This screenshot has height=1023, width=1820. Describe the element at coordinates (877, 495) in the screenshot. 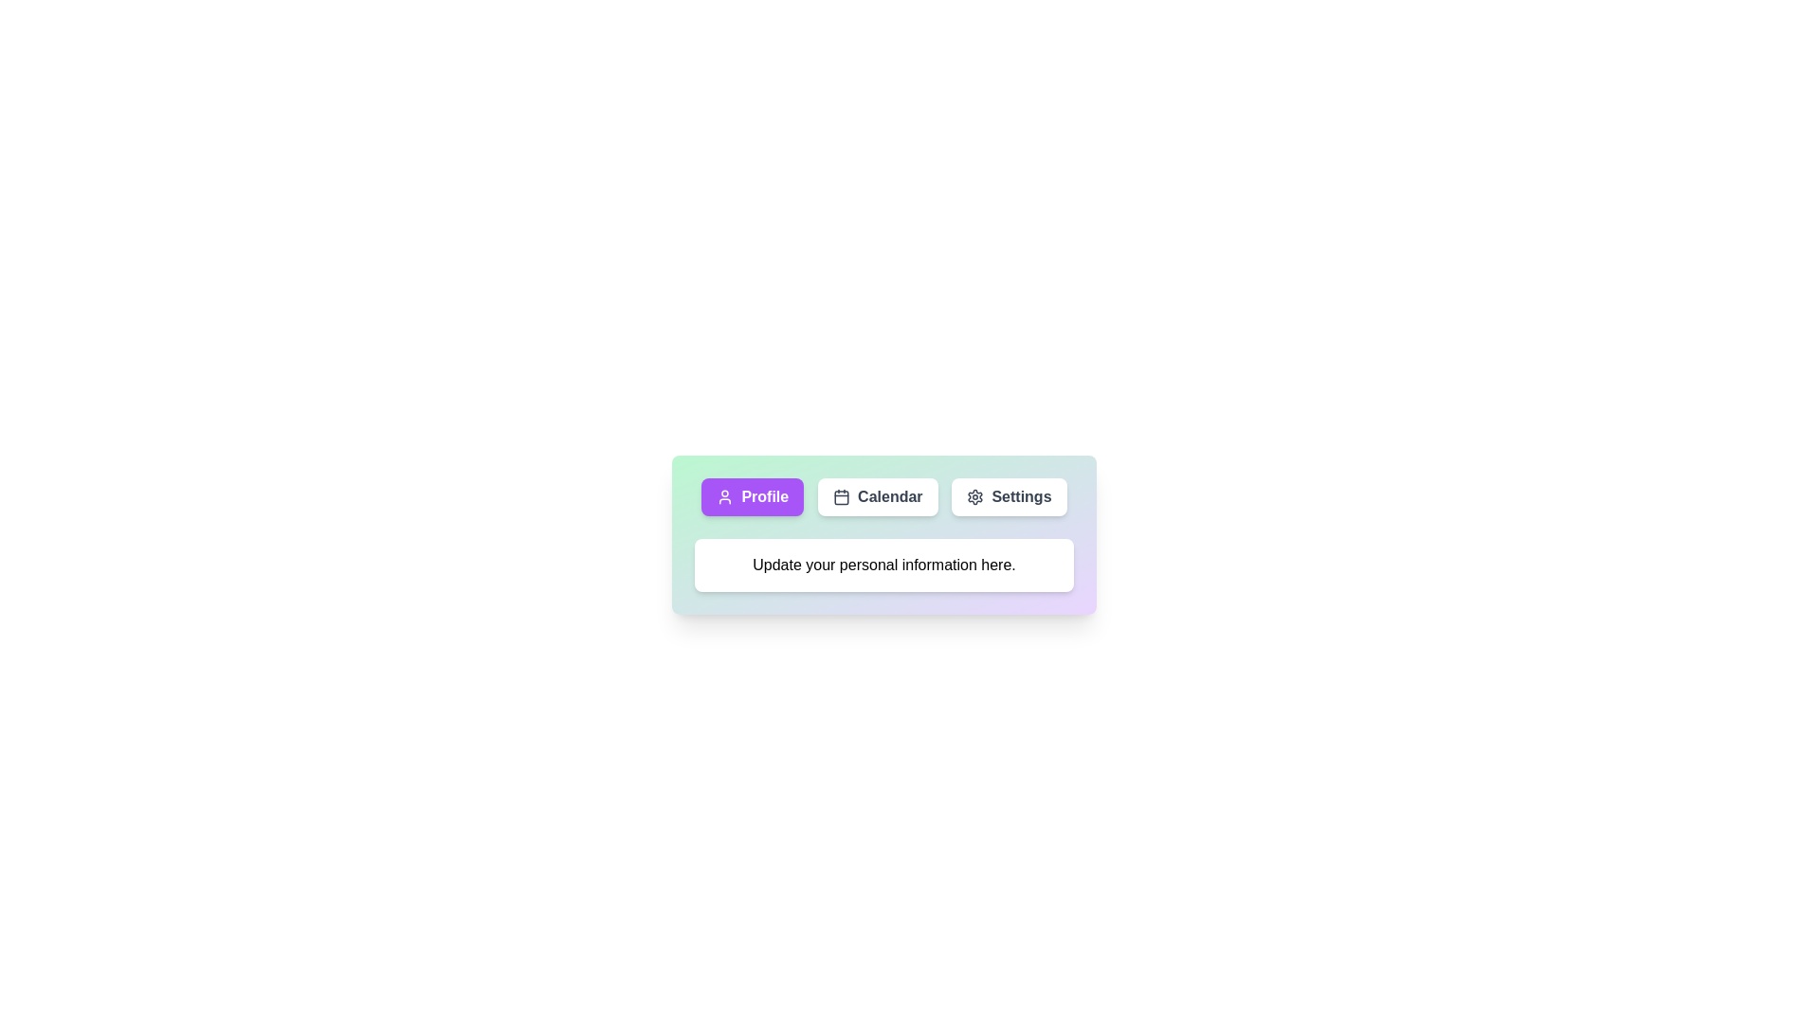

I see `the 'Calendar' button, which is a rectangular button with rounded corners, featuring a calendar icon and gray text` at that location.